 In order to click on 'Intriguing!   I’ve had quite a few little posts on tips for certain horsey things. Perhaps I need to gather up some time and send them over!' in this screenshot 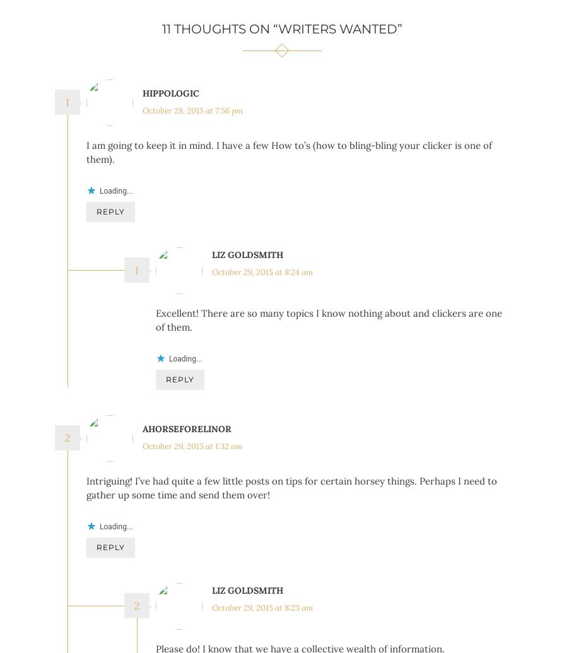, I will do `click(291, 506)`.